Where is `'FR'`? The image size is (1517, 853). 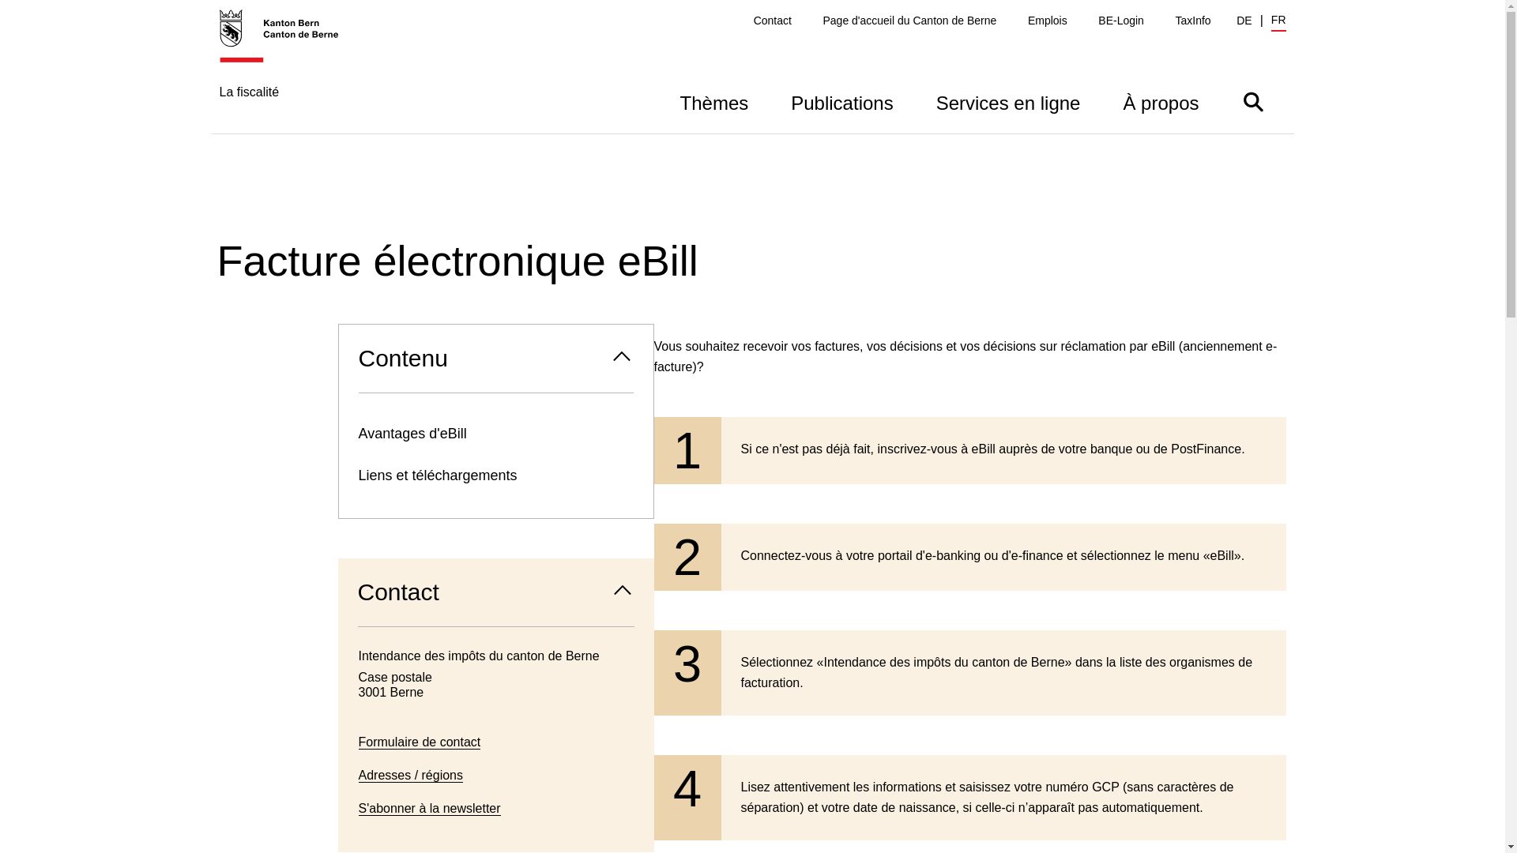 'FR' is located at coordinates (1278, 21).